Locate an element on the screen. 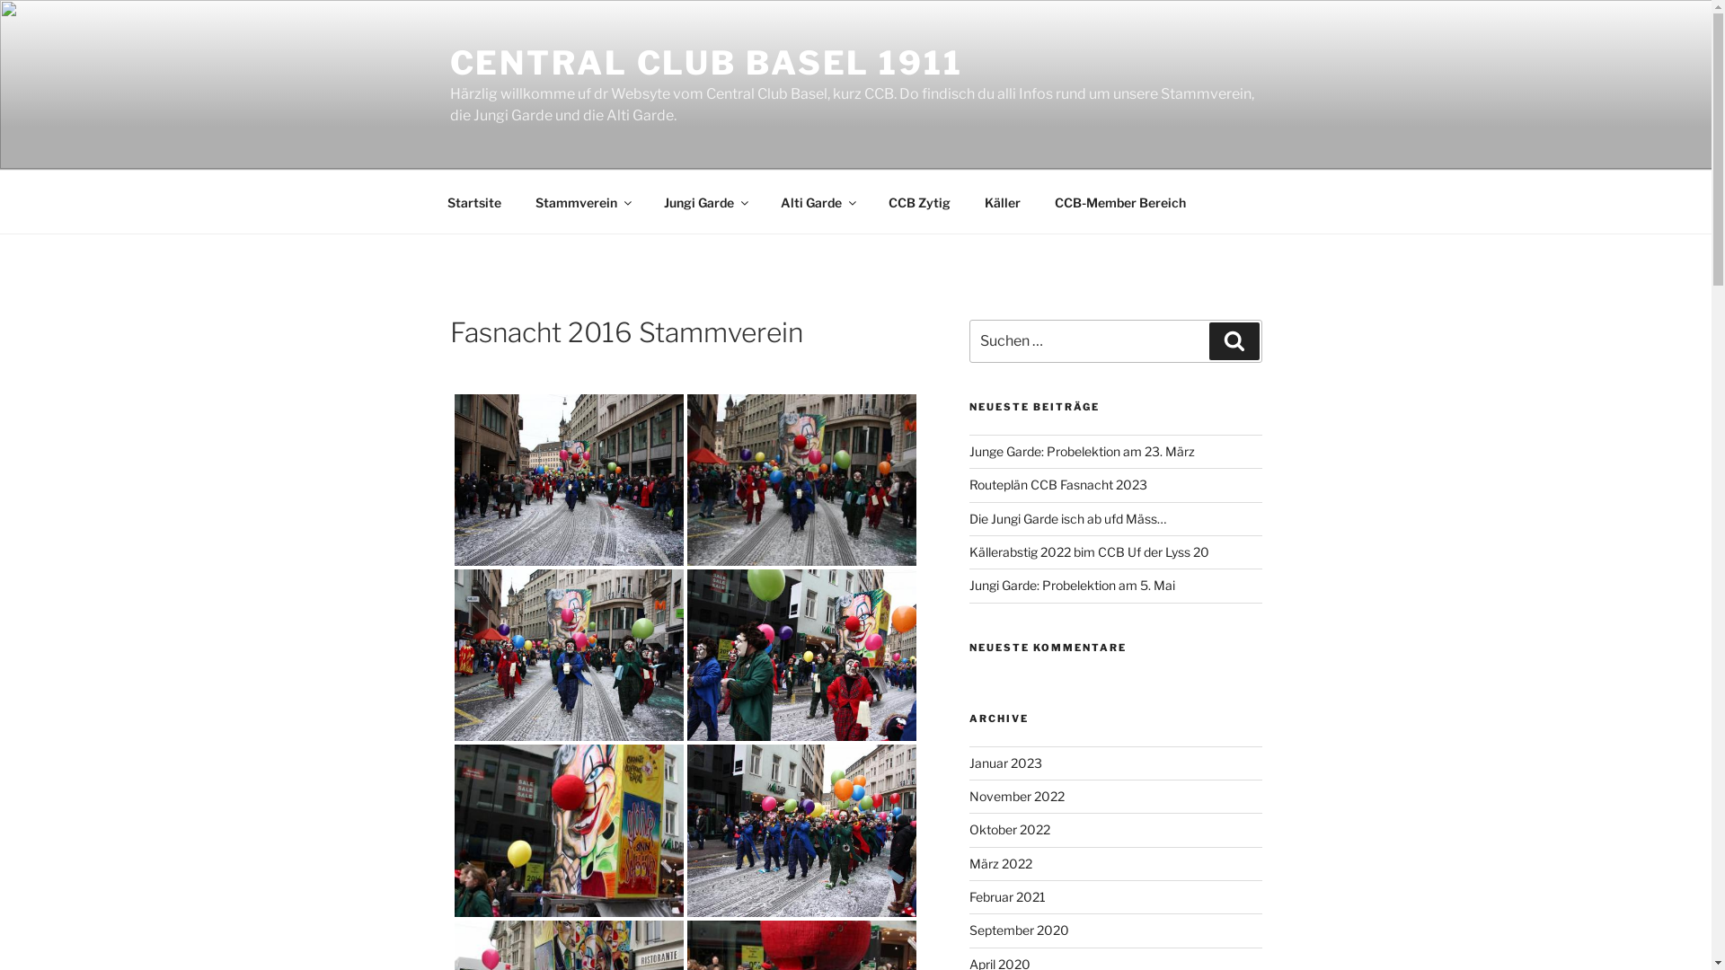  'Oktober 2022' is located at coordinates (1009, 829).